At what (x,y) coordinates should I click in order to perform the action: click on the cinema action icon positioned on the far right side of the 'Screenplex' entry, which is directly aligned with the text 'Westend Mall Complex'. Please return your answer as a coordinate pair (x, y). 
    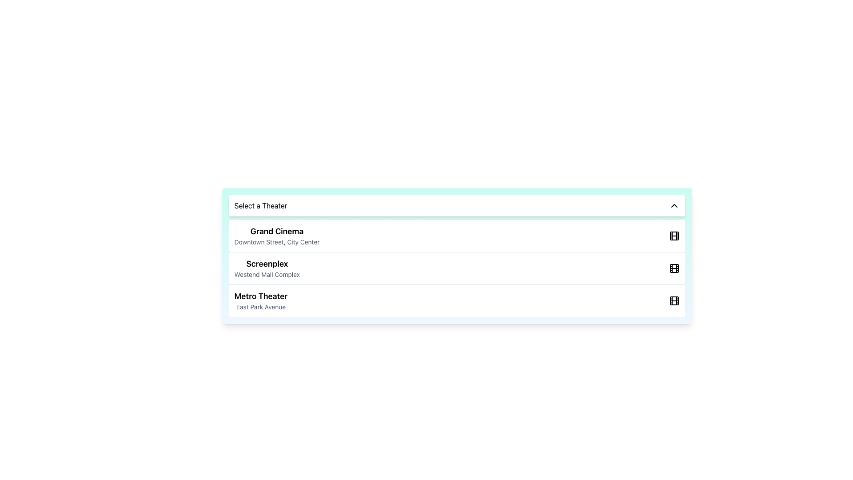
    Looking at the image, I should click on (674, 268).